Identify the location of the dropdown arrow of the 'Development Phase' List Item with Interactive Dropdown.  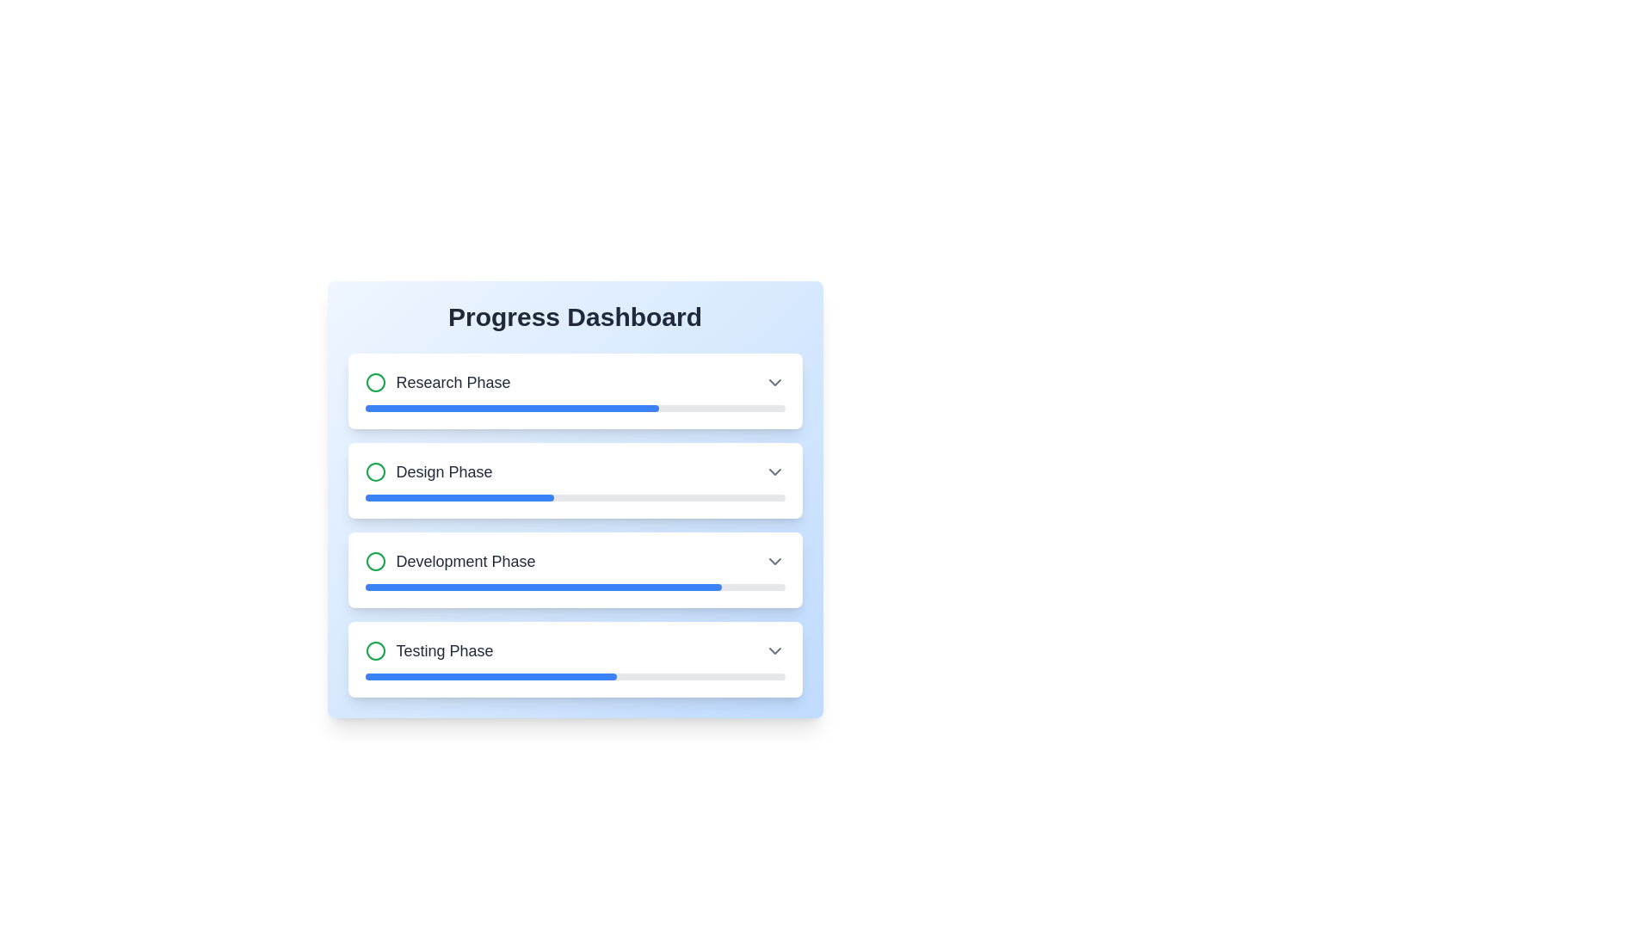
(575, 561).